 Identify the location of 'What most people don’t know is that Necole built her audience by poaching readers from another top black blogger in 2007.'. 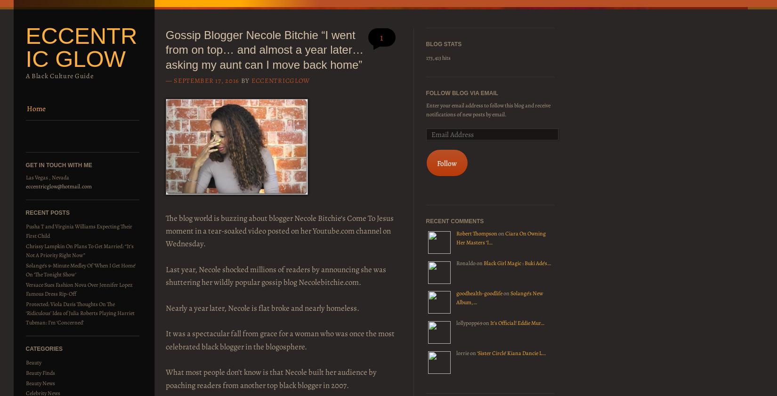
(165, 378).